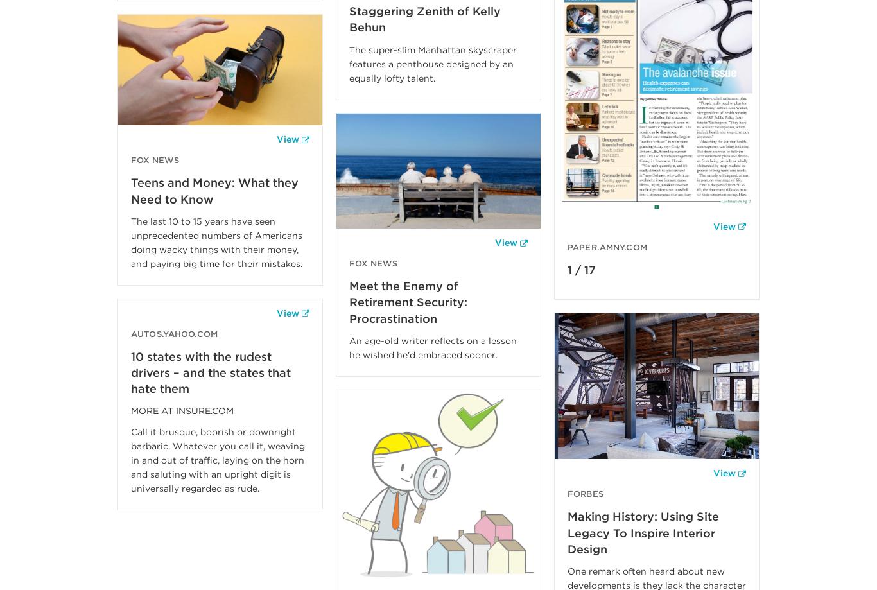  I want to click on 'The last 10 to 15 years have seen unprecedented numbers of Americans doing wacky things with their money, and paying big time for their mistakes.', so click(216, 241).